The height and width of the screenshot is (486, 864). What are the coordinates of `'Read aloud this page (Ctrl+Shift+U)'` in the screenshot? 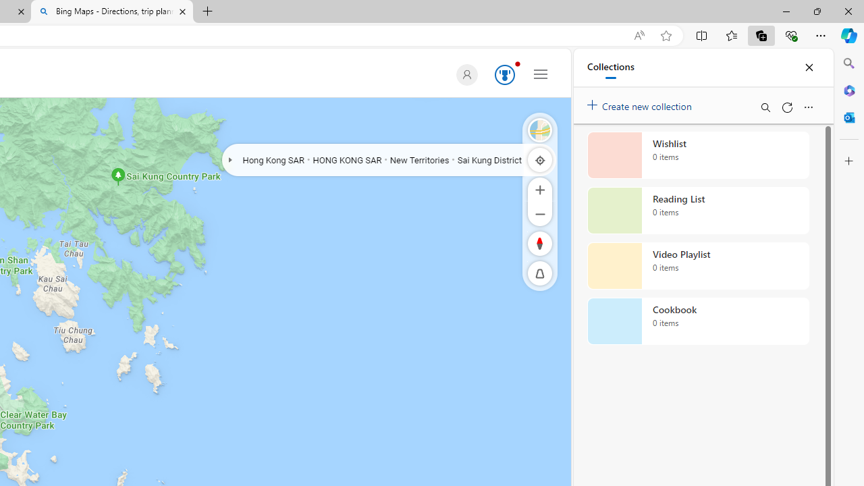 It's located at (638, 35).